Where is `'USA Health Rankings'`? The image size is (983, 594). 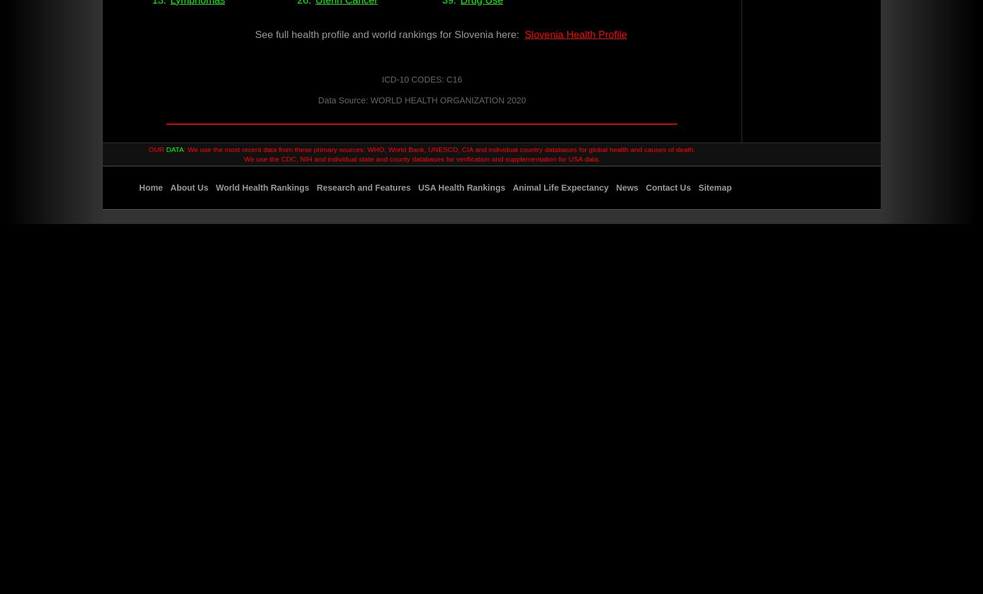 'USA Health Rankings' is located at coordinates (460, 187).